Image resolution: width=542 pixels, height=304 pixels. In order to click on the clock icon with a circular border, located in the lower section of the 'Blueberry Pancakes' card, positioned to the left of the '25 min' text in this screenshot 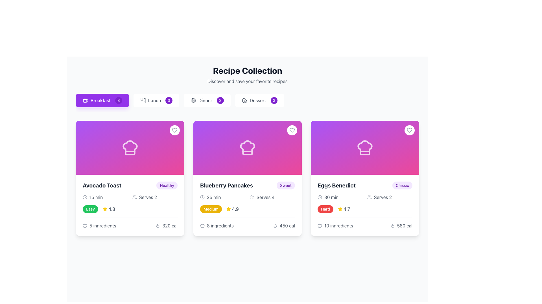, I will do `click(202, 197)`.